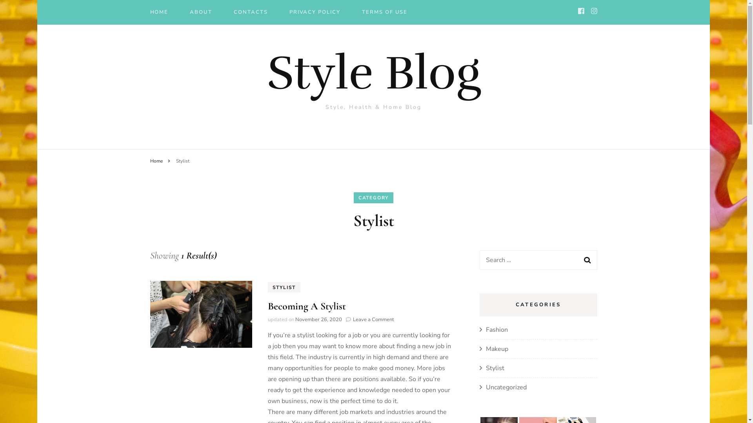 The width and height of the screenshot is (753, 423). I want to click on 'Stylist', so click(494, 368).